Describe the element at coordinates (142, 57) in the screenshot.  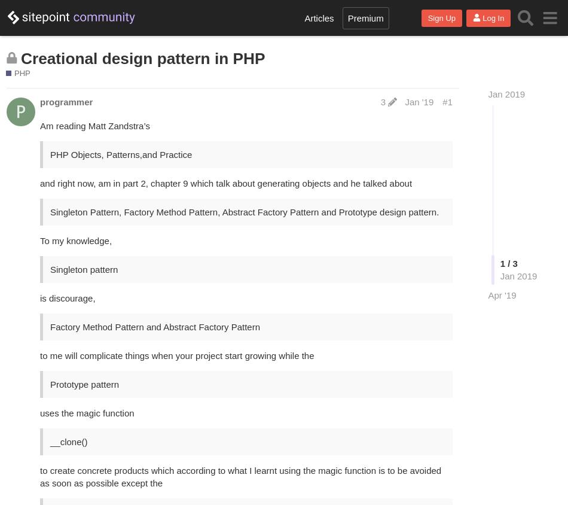
I see `'Creational design pattern in PHP'` at that location.